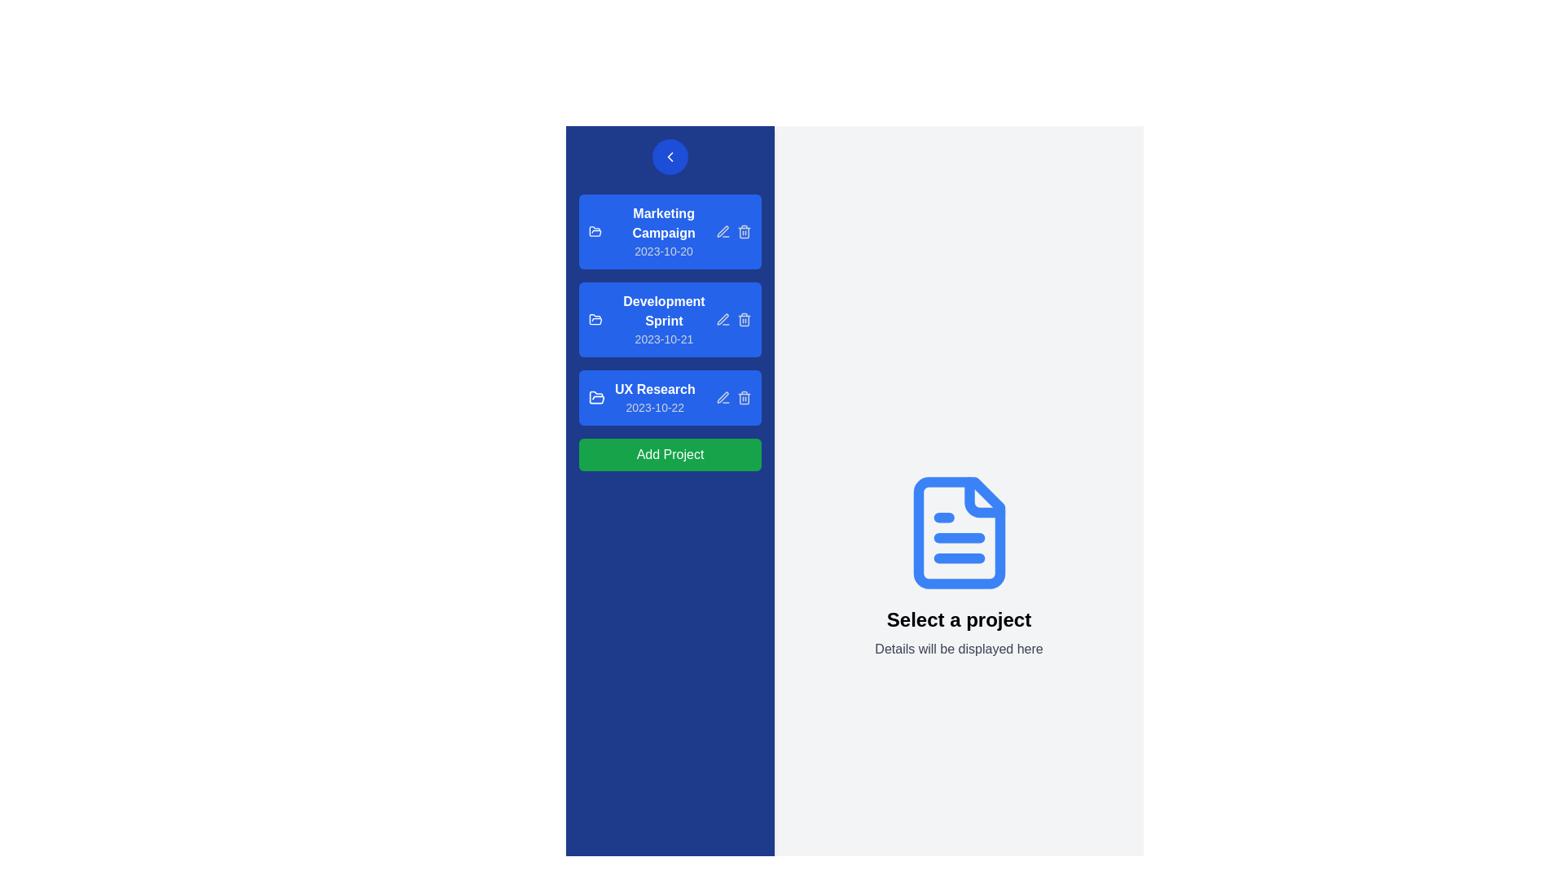 The height and width of the screenshot is (879, 1564). What do you see at coordinates (959, 620) in the screenshot?
I see `the text label displaying 'Select a project', which is centrally located beneath a document icon` at bounding box center [959, 620].